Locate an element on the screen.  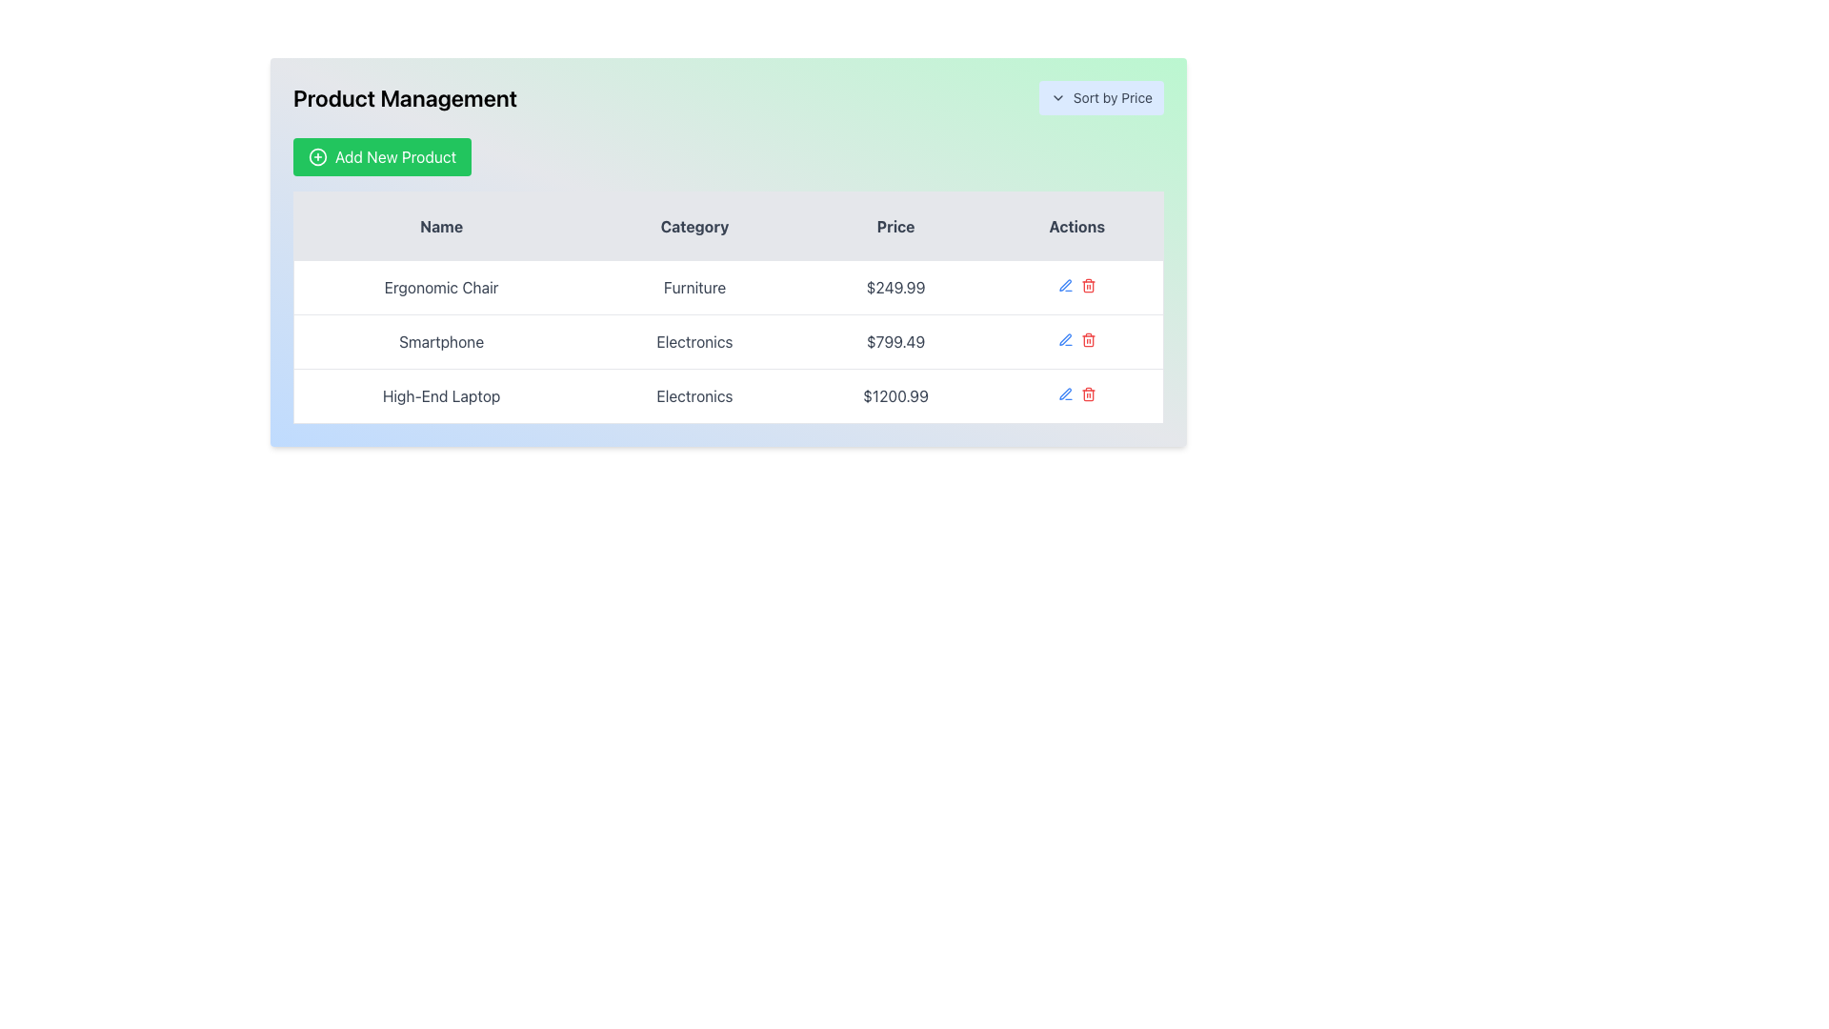
the icon indicating the action for adding a new product, which is located within the green button labeled 'Add New Product' in the top-left region of the interface is located at coordinates (318, 156).